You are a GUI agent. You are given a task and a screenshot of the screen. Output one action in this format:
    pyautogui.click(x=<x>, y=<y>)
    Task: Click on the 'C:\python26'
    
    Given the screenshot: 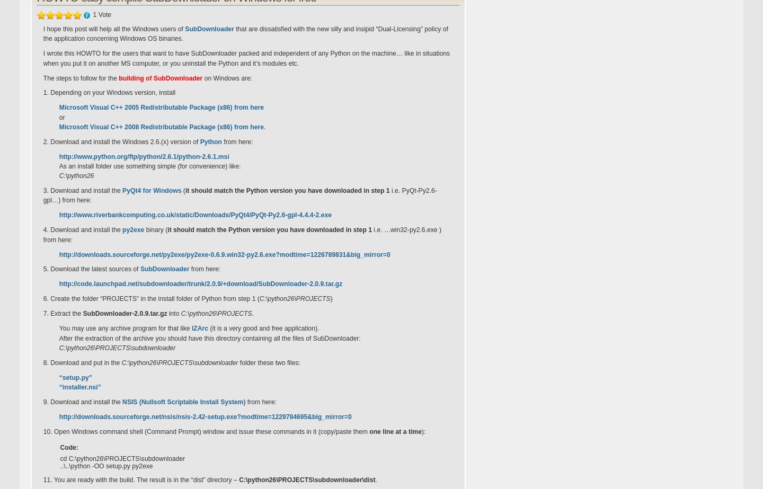 What is the action you would take?
    pyautogui.click(x=76, y=176)
    